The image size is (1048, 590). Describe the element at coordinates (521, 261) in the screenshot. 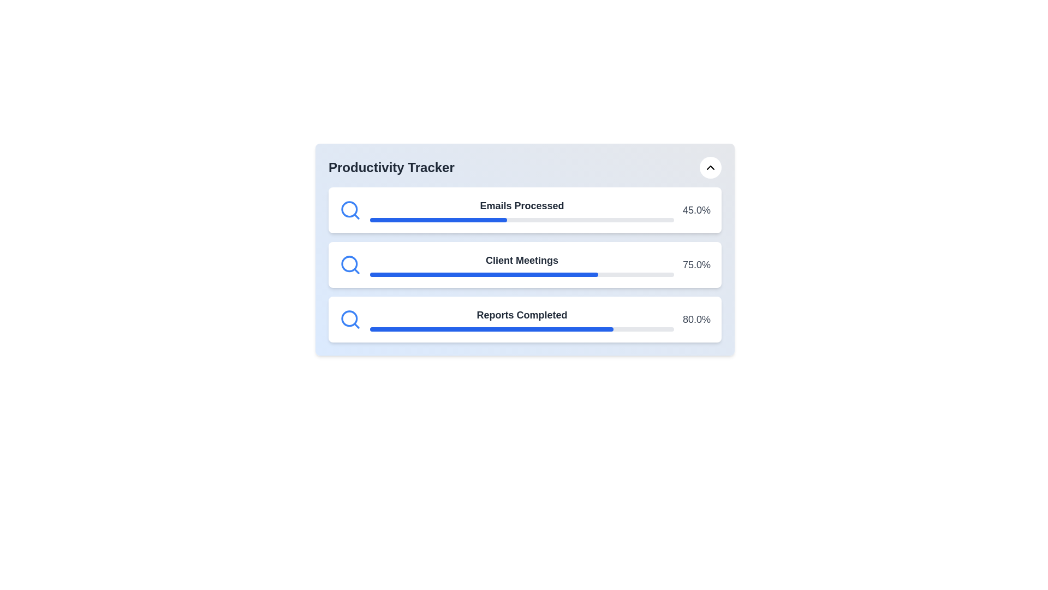

I see `the 'Client Meetings' text label, which is displayed in bold, slightly larger dark gray font within the 'Productivity Tracker' section` at that location.